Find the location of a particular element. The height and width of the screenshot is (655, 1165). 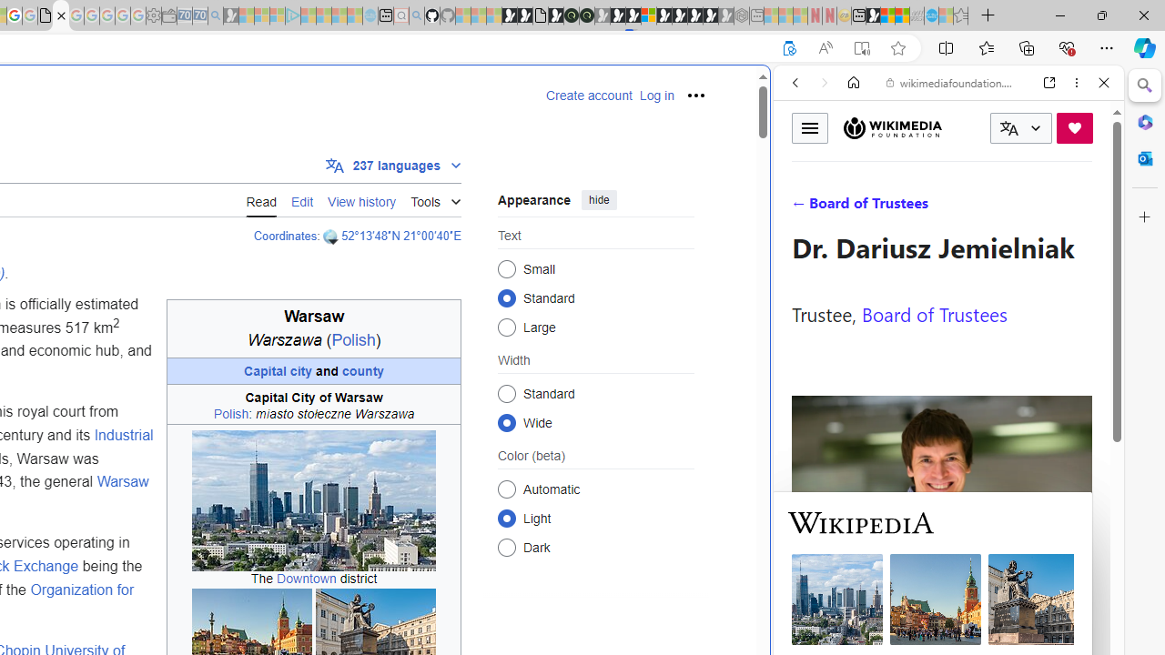

'Large' is located at coordinates (506, 326).